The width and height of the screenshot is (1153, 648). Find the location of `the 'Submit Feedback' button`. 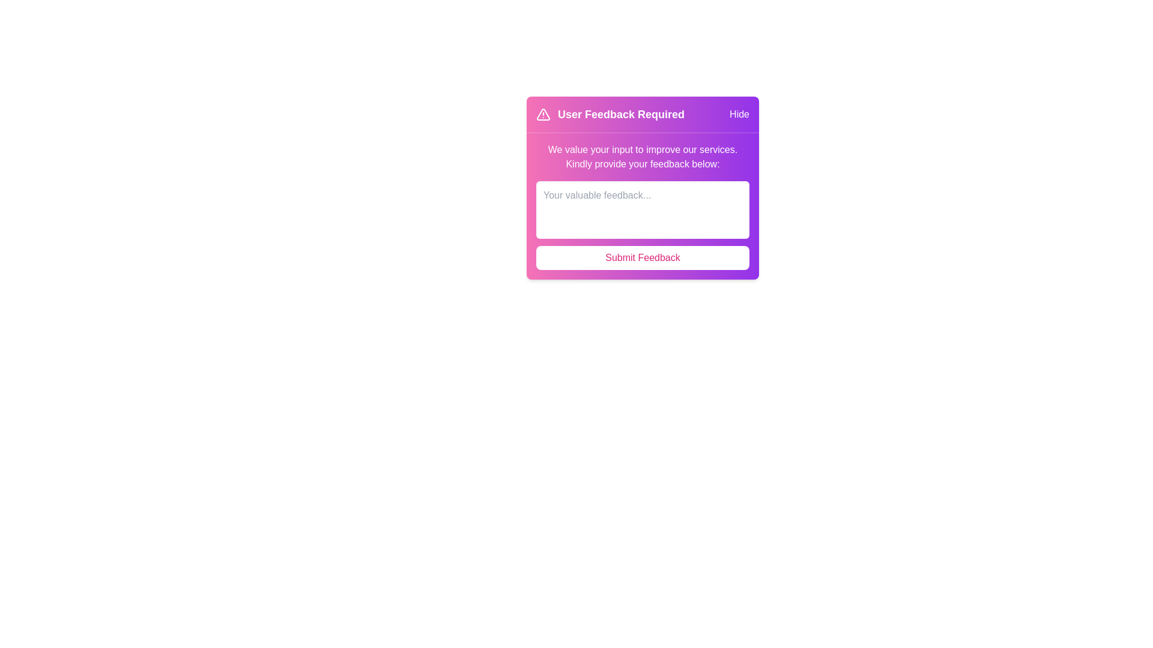

the 'Submit Feedback' button is located at coordinates (642, 257).